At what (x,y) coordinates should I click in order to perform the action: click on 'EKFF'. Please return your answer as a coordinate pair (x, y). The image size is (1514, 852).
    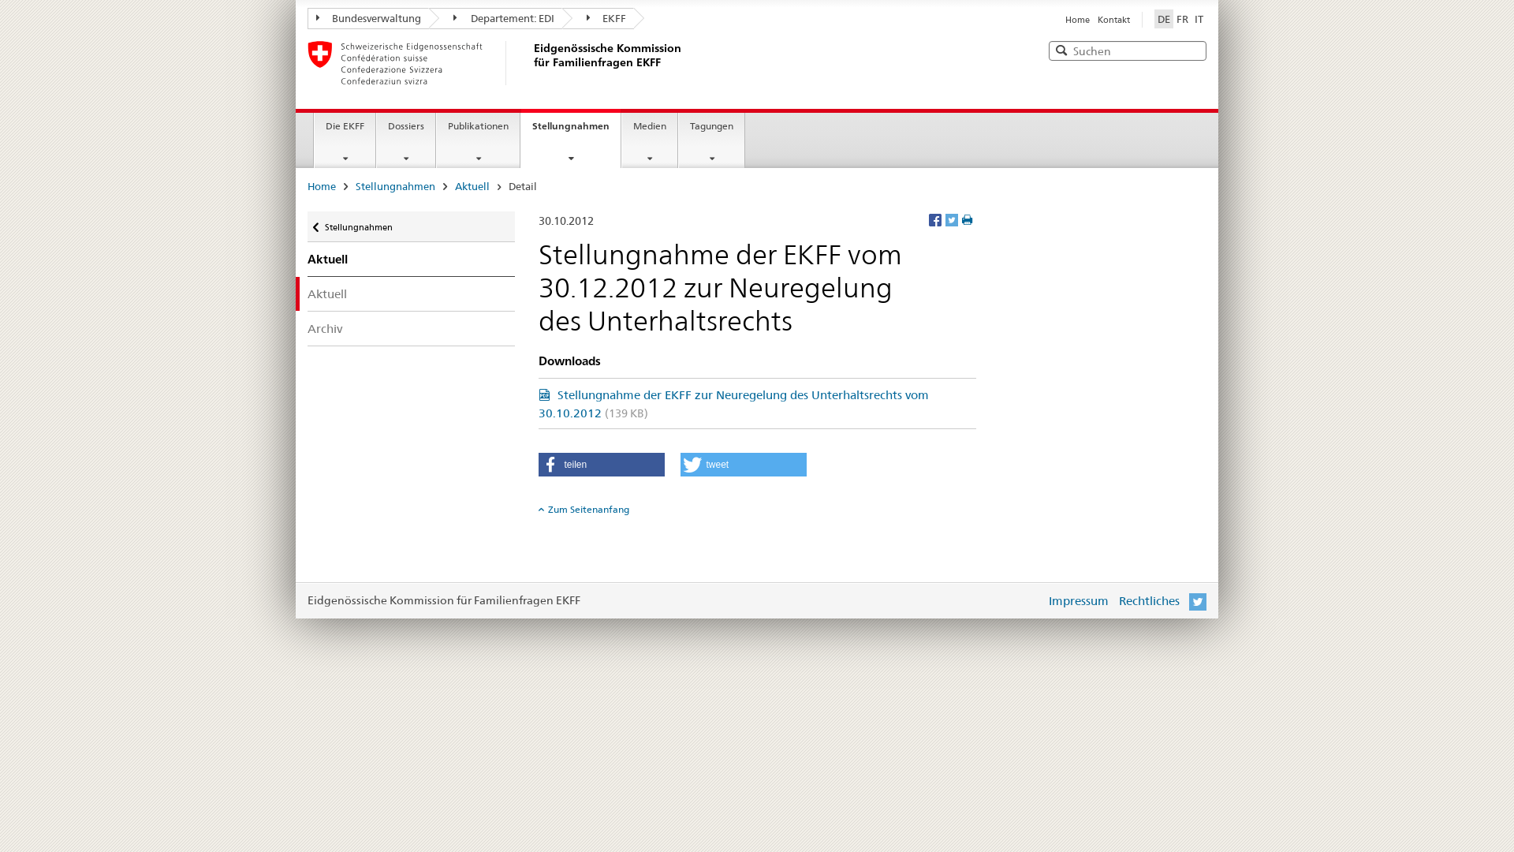
    Looking at the image, I should click on (597, 18).